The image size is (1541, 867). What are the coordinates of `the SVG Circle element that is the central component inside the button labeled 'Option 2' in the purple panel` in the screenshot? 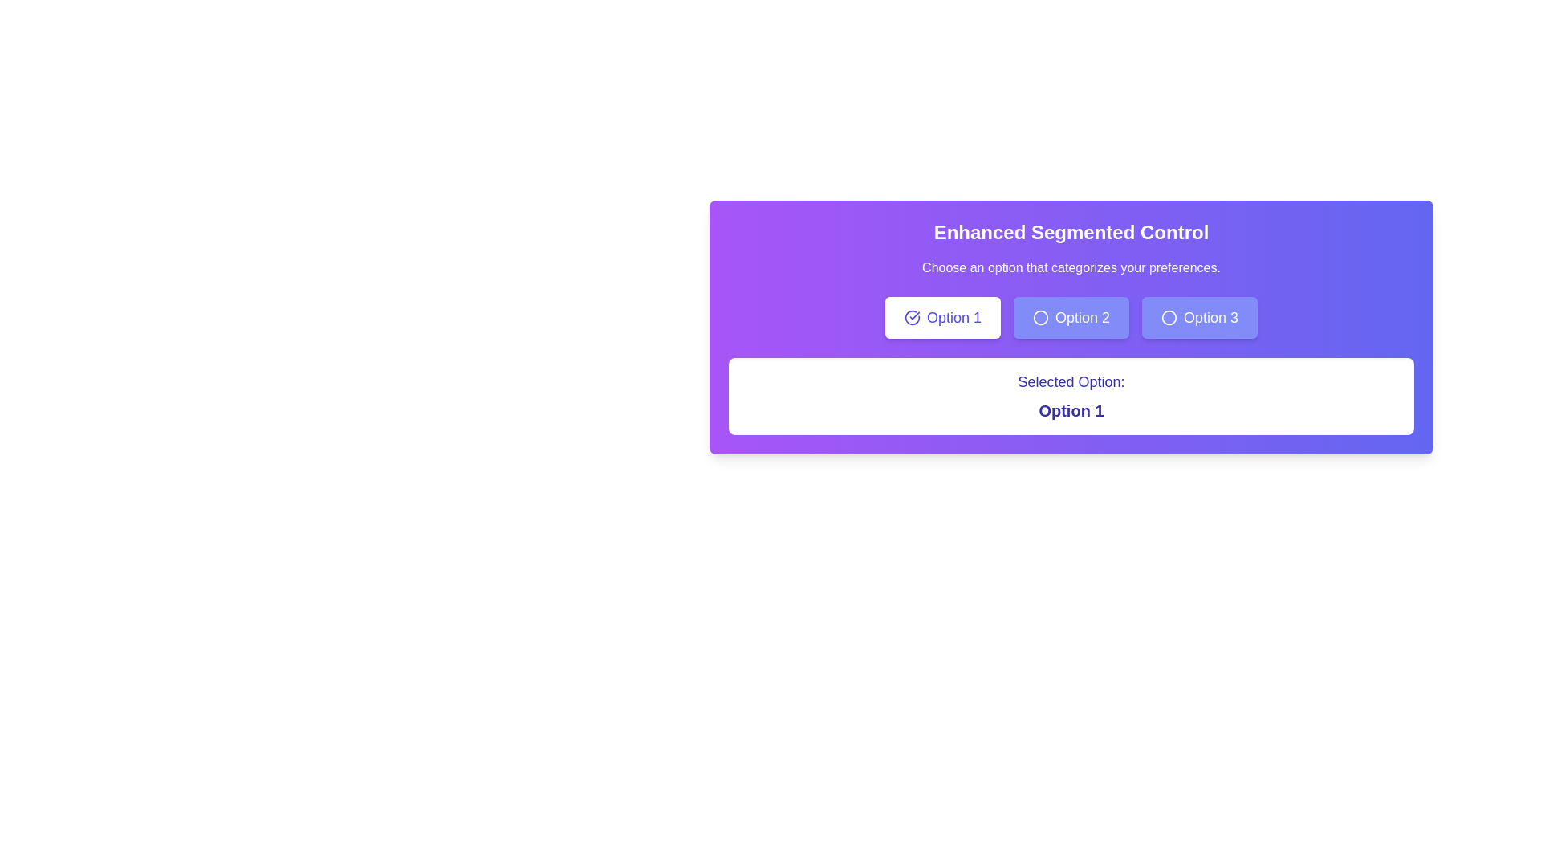 It's located at (1040, 318).